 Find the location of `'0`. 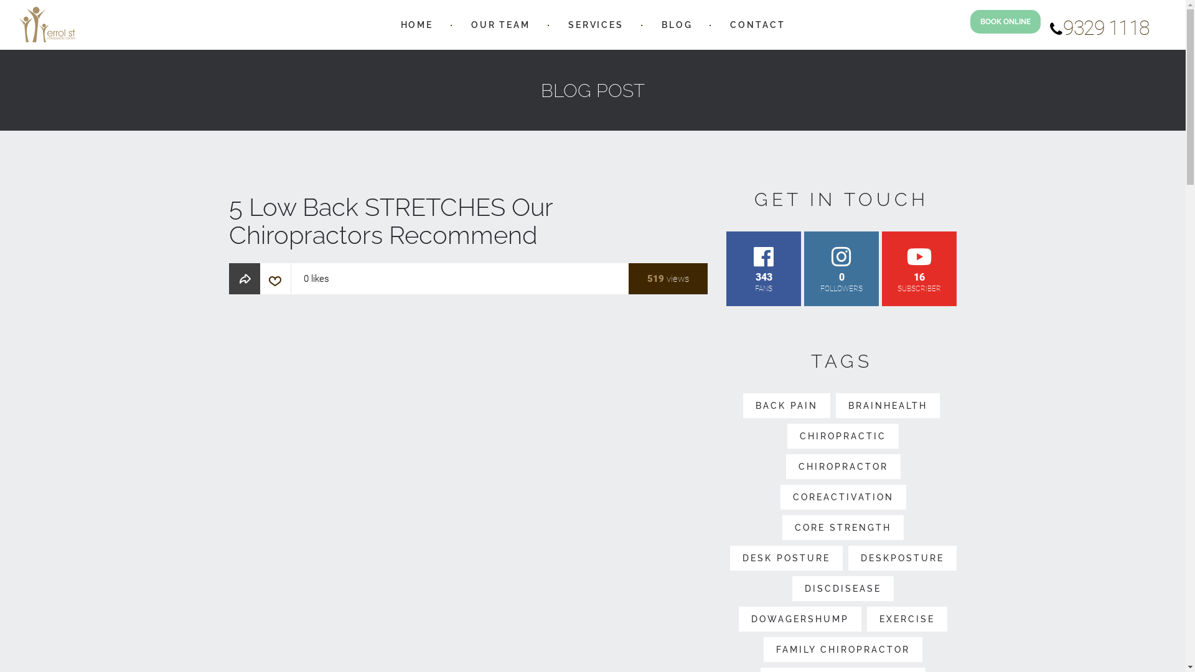

'0 is located at coordinates (804, 268).